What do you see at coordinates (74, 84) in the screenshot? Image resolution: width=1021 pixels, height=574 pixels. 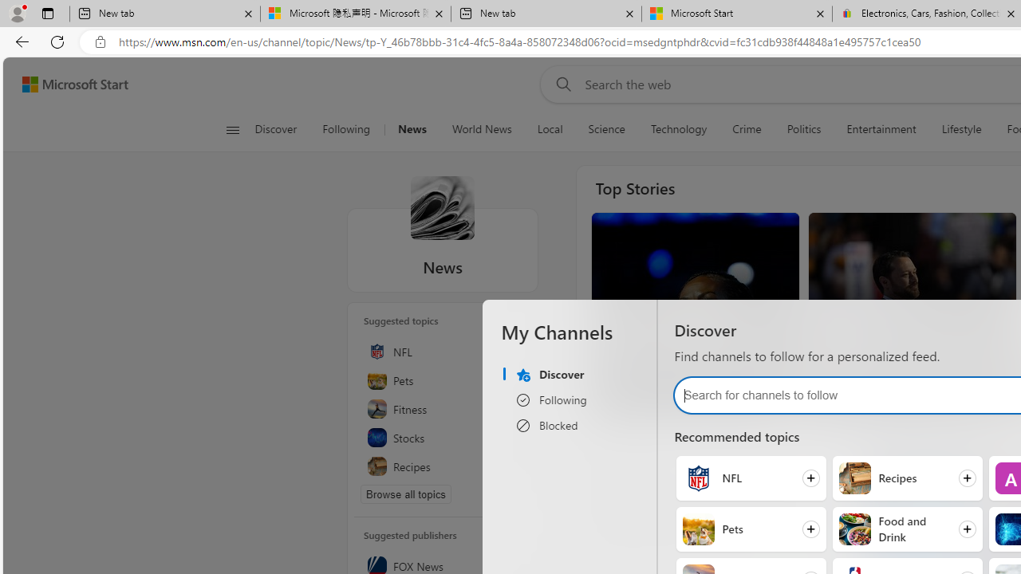 I see `'Microsoft Start'` at bounding box center [74, 84].